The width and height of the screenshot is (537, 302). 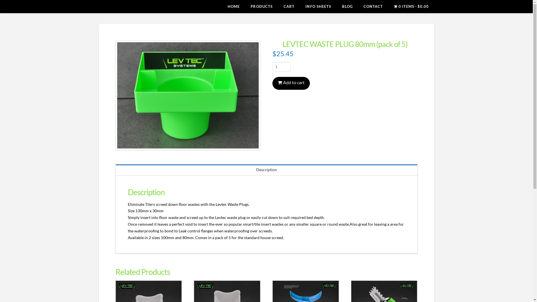 What do you see at coordinates (318, 6) in the screenshot?
I see `'INFO SHEETS'` at bounding box center [318, 6].